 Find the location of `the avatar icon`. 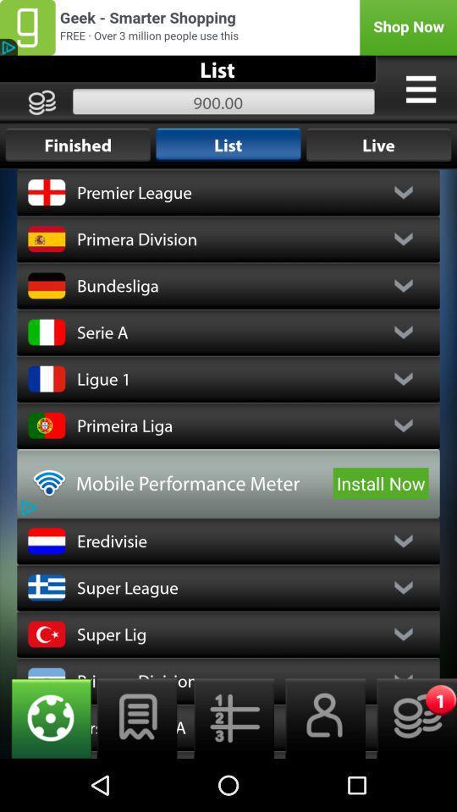

the avatar icon is located at coordinates (320, 769).